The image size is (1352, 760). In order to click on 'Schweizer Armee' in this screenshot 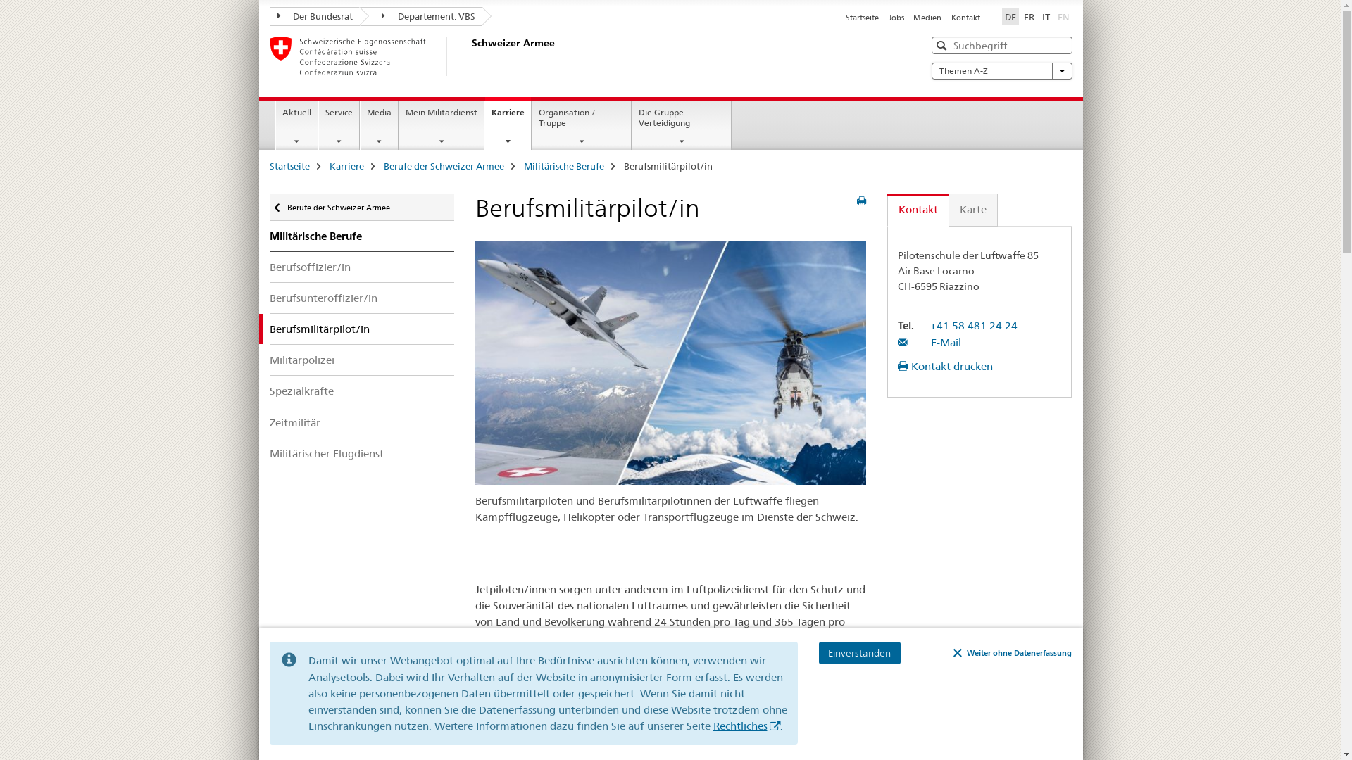, I will do `click(470, 56)`.